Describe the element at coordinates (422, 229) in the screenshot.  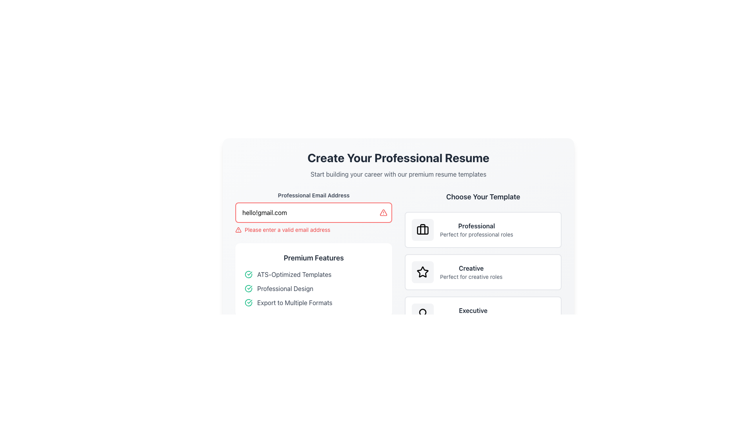
I see `the 'Professional' template category icon located in the 'Choose Your Template' section for selection` at that location.